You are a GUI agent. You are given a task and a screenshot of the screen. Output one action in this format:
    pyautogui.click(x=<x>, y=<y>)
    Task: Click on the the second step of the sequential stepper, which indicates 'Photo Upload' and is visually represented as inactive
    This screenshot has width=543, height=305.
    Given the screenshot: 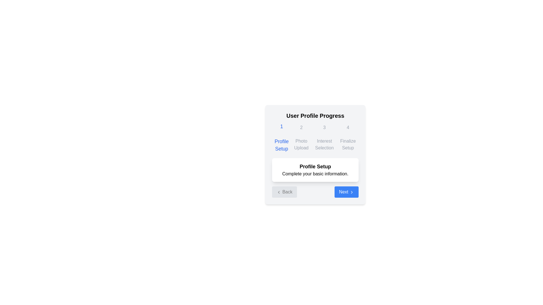 What is the action you would take?
    pyautogui.click(x=301, y=138)
    